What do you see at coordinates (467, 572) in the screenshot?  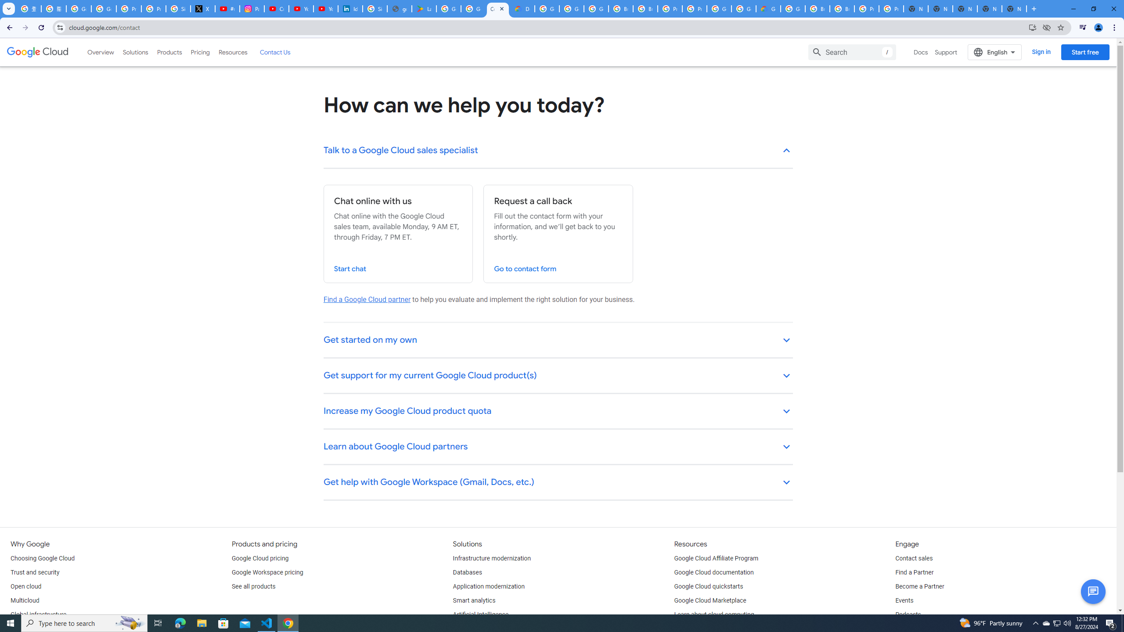 I see `'Databases'` at bounding box center [467, 572].